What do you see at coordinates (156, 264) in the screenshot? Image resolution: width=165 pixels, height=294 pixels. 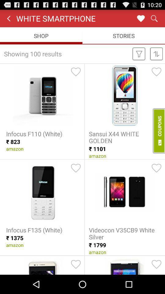 I see `to favorite` at bounding box center [156, 264].